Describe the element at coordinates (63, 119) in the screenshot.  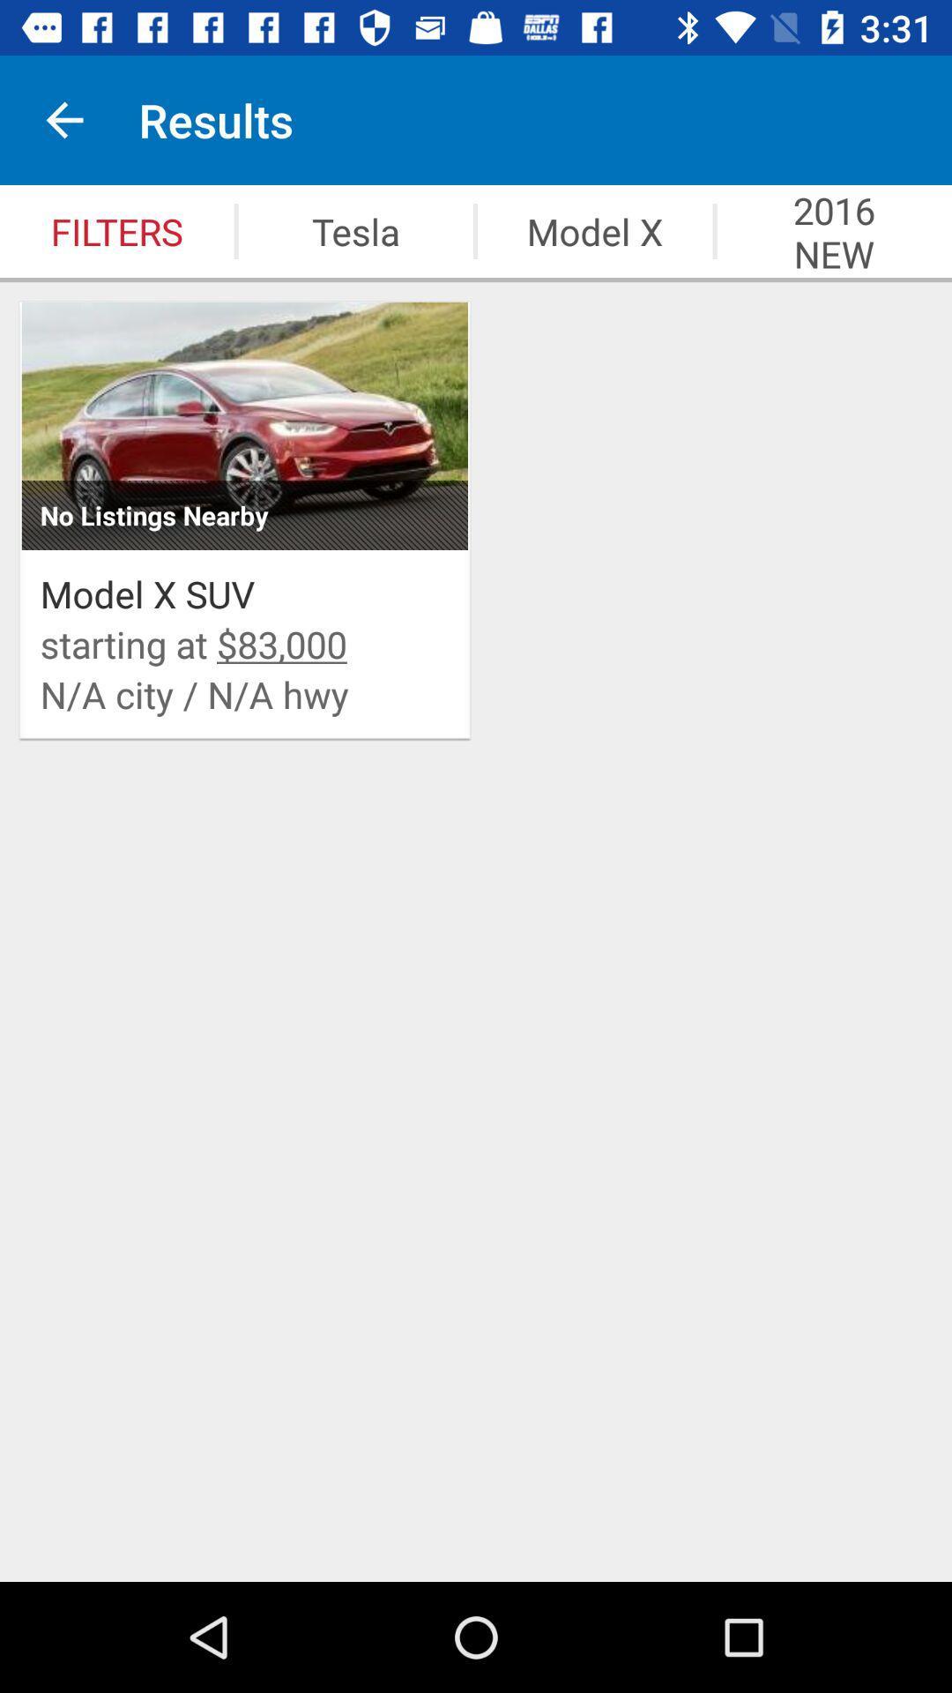
I see `icon next to results item` at that location.